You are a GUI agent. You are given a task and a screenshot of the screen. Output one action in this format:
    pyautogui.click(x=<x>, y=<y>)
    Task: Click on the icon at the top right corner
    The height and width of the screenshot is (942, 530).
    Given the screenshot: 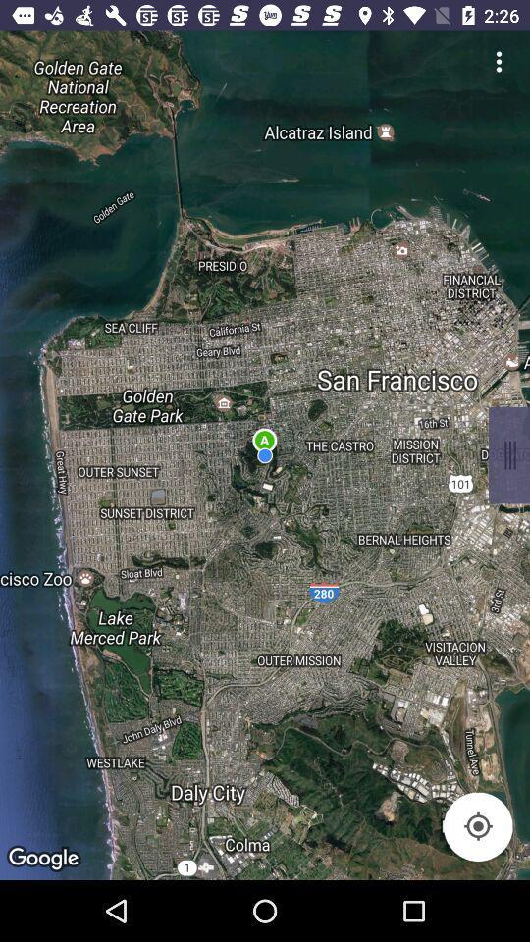 What is the action you would take?
    pyautogui.click(x=499, y=61)
    